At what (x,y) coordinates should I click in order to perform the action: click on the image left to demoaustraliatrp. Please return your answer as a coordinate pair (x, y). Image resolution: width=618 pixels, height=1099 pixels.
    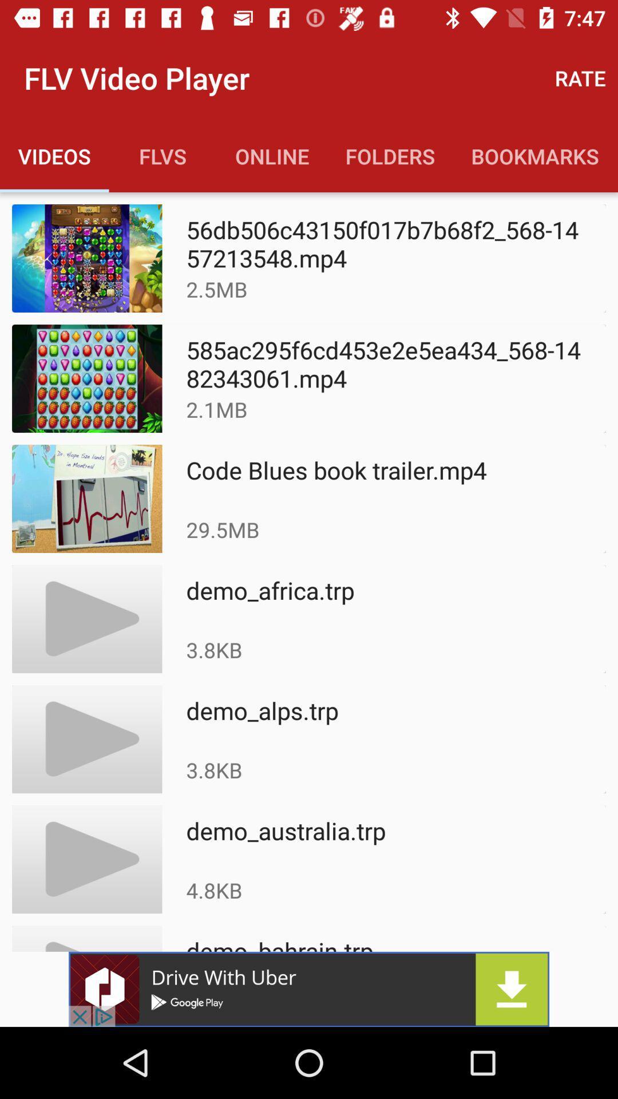
    Looking at the image, I should click on (86, 859).